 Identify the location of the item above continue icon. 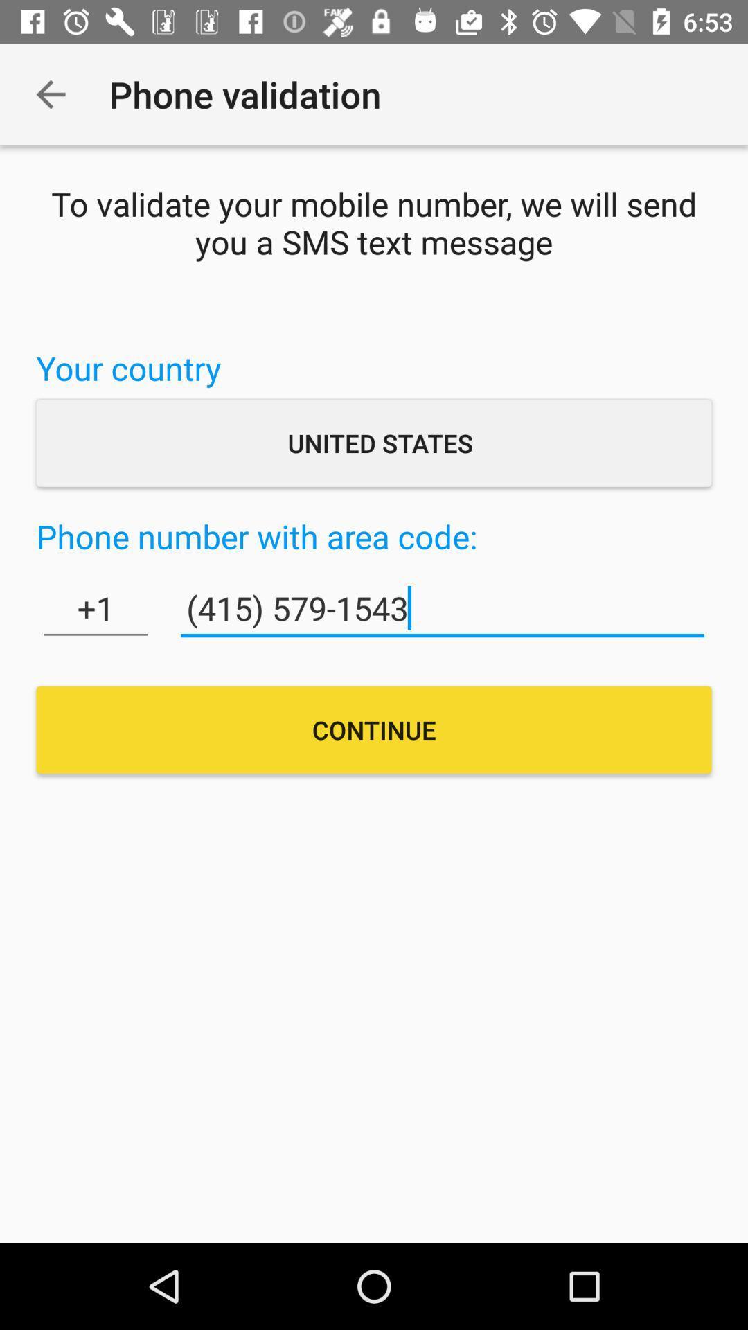
(443, 608).